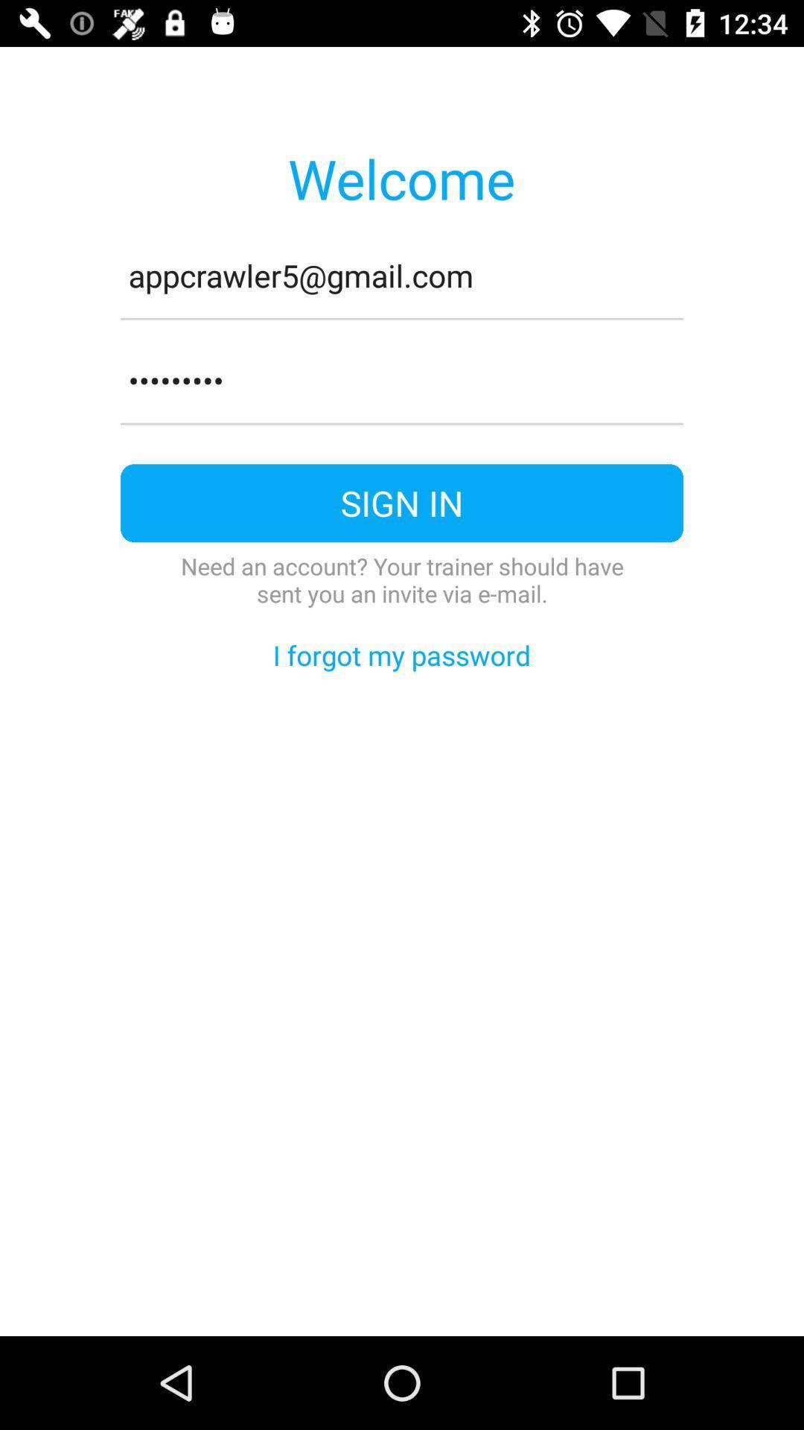 The height and width of the screenshot is (1430, 804). What do you see at coordinates (402, 579) in the screenshot?
I see `the icon below sign in` at bounding box center [402, 579].